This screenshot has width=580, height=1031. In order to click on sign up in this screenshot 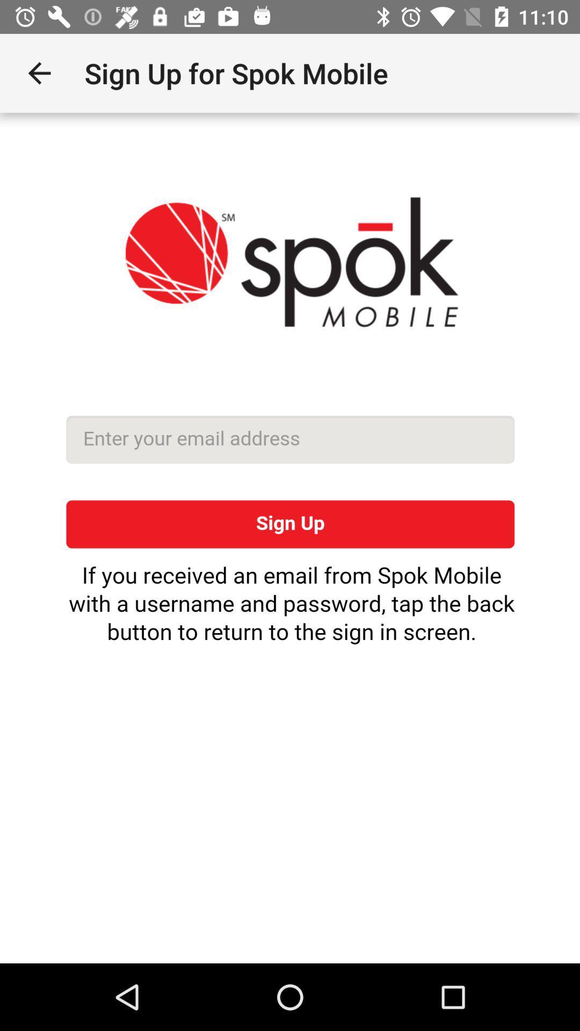, I will do `click(290, 538)`.